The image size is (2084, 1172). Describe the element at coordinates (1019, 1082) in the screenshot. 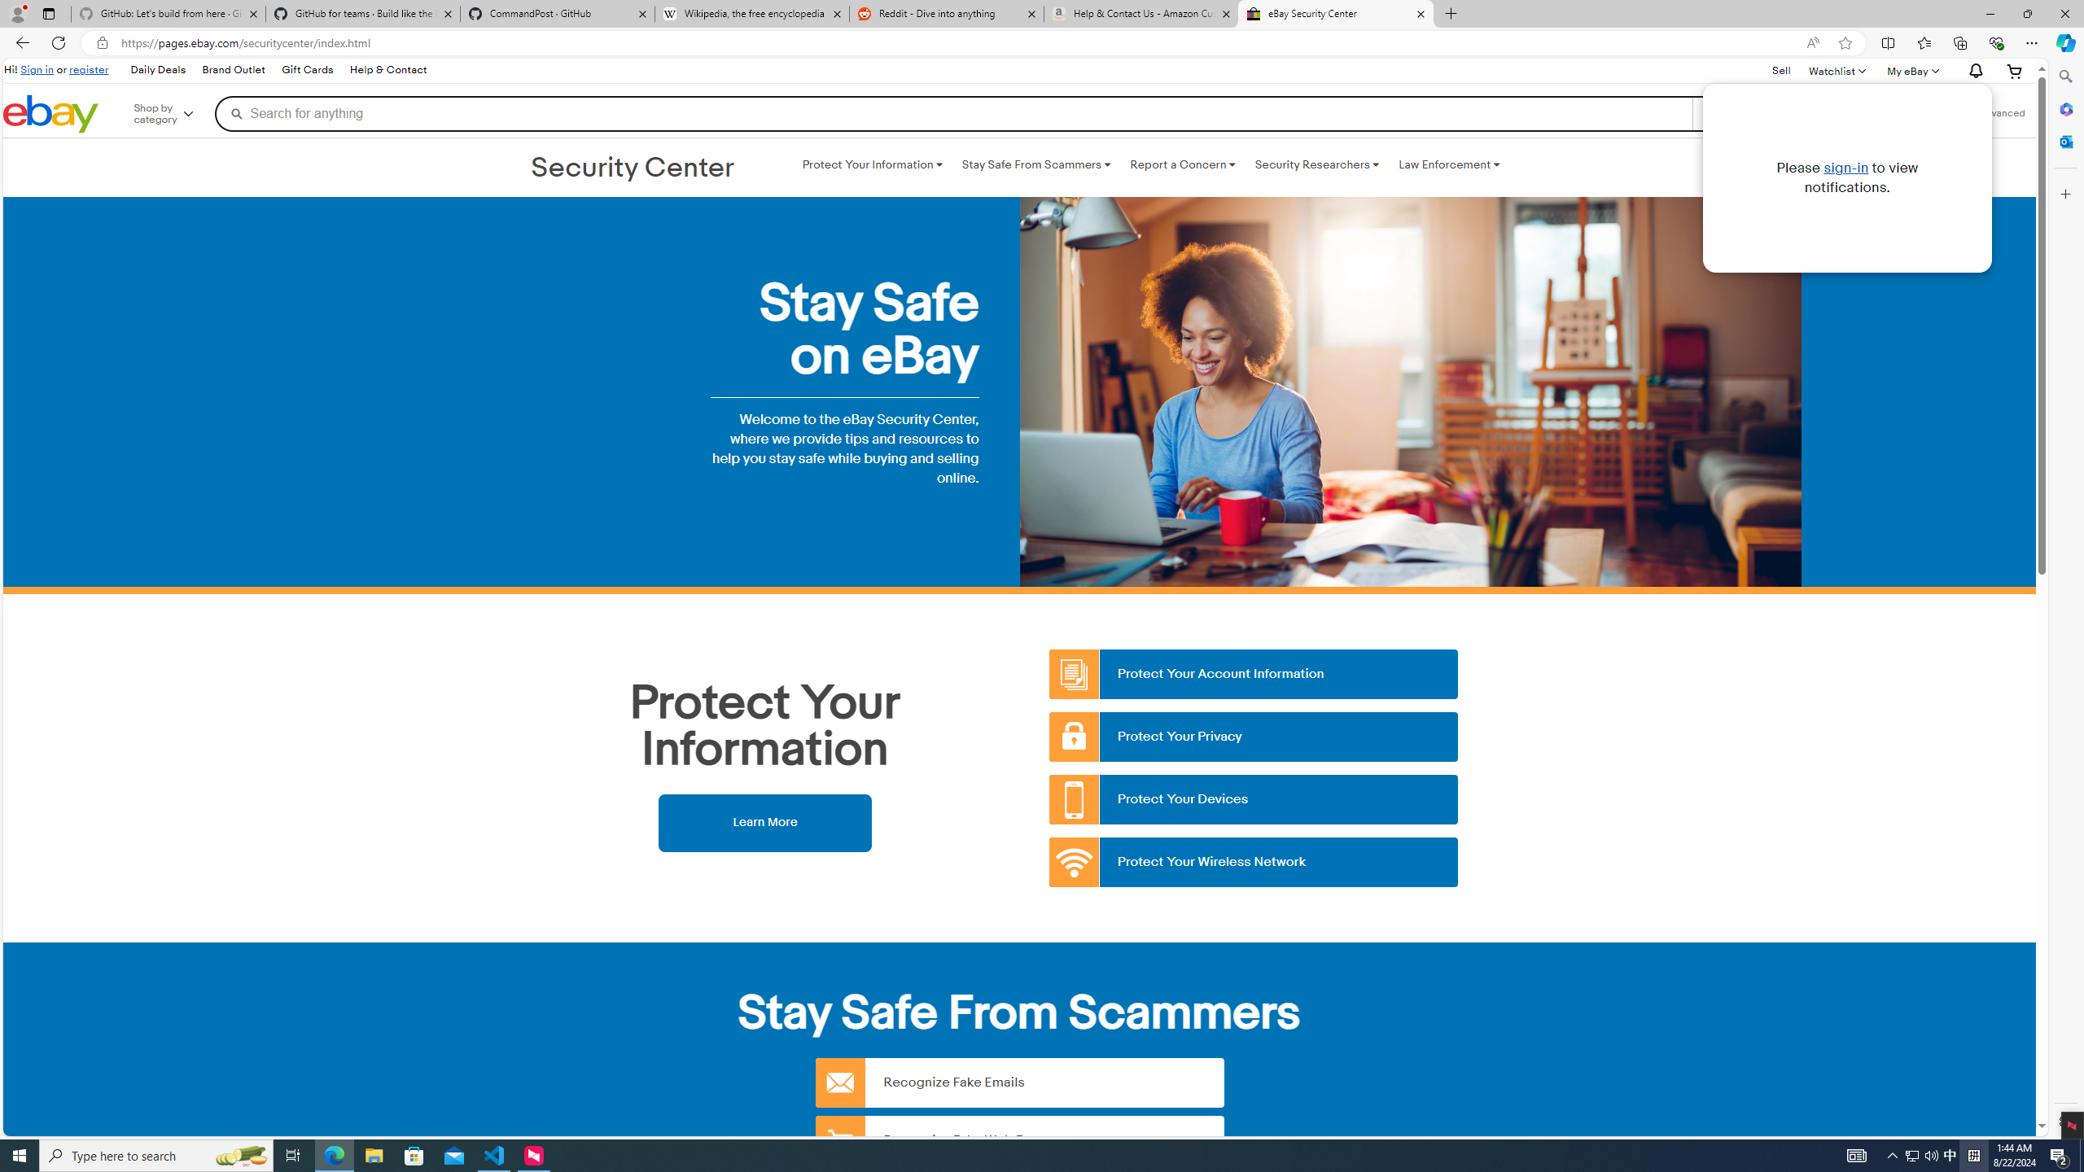

I see `'Recognize Fake Emails'` at that location.